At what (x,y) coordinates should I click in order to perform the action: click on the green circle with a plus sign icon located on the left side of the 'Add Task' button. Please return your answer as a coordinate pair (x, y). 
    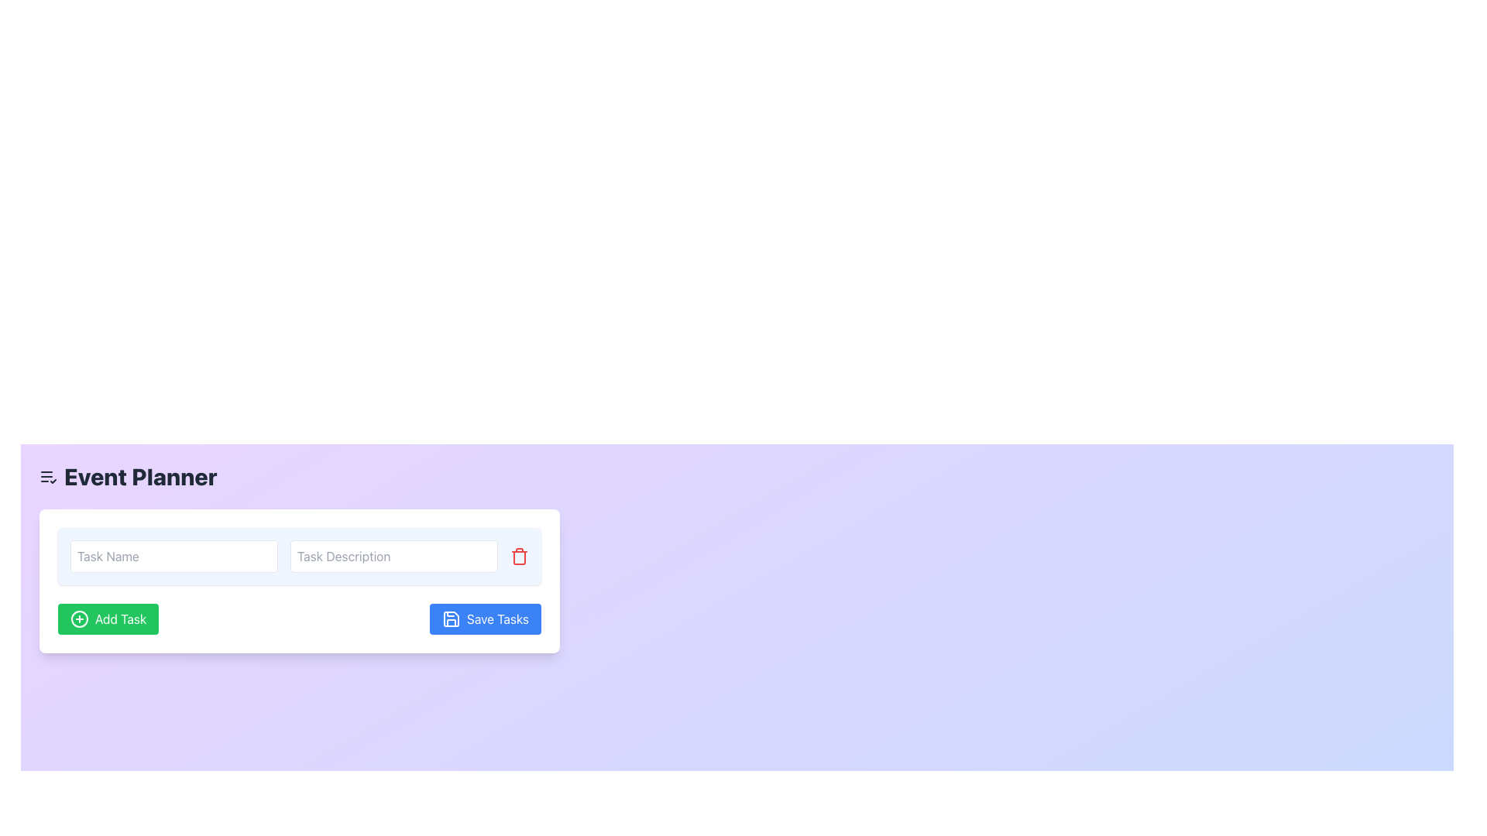
    Looking at the image, I should click on (78, 618).